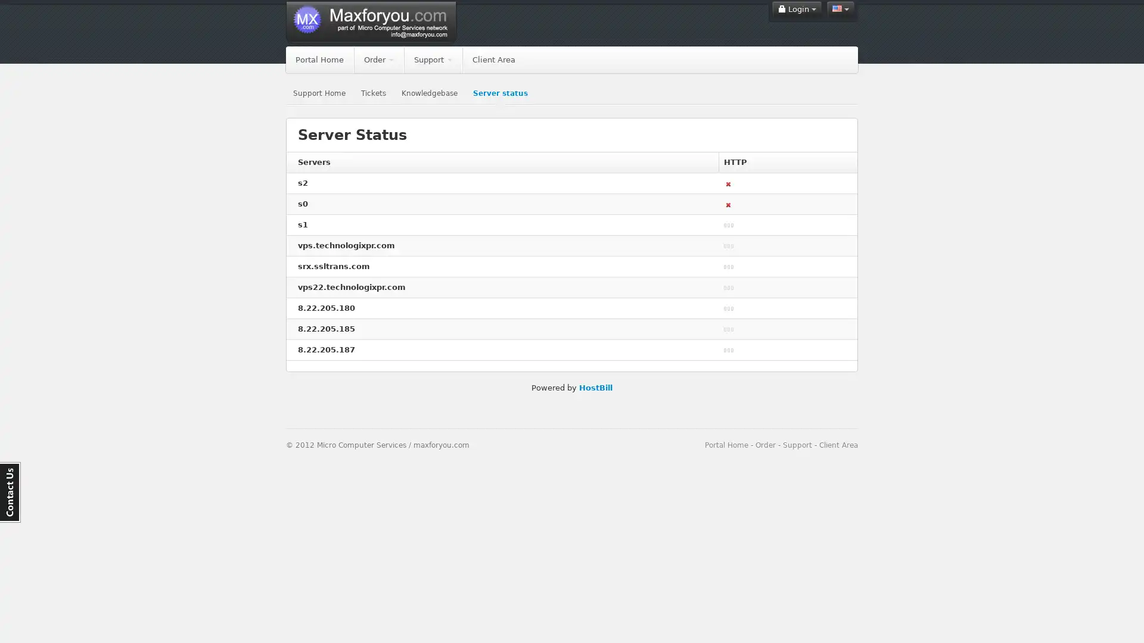 This screenshot has height=643, width=1144. Describe the element at coordinates (840, 9) in the screenshot. I see `English` at that location.